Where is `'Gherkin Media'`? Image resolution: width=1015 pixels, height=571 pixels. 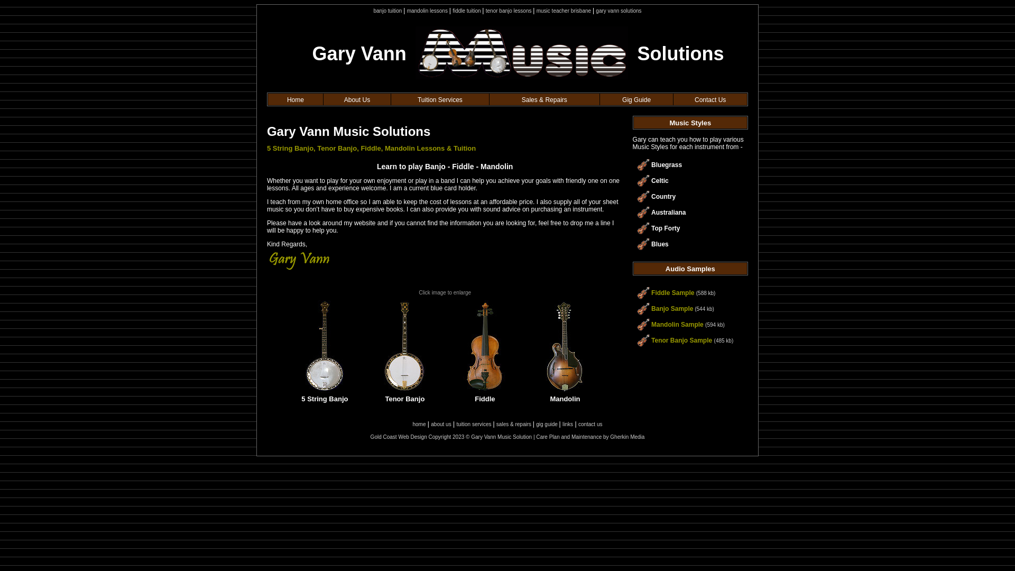 'Gherkin Media' is located at coordinates (627, 437).